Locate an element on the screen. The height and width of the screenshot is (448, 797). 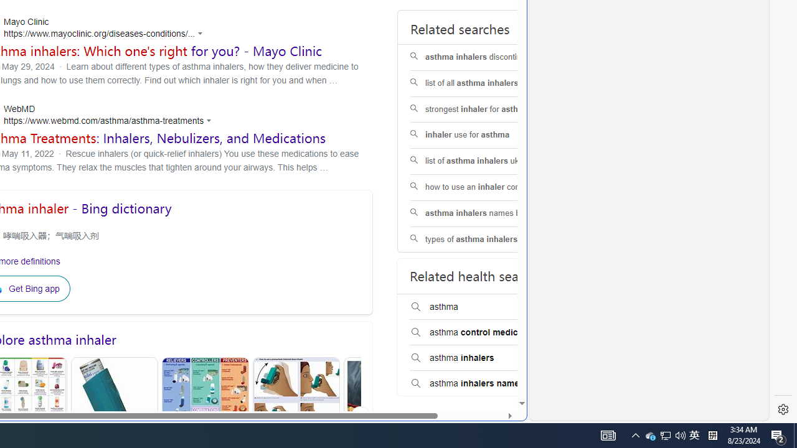
'asthma inhalers names' is located at coordinates (488, 383).